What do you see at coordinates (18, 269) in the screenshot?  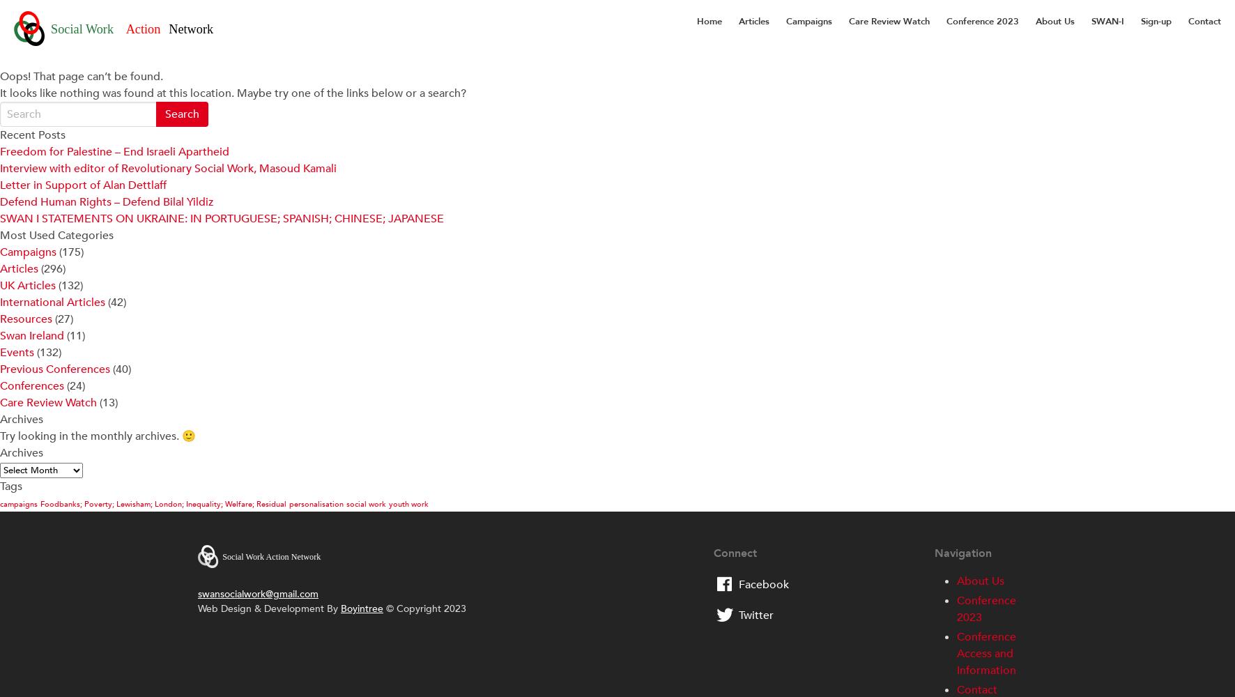 I see `'Articles'` at bounding box center [18, 269].